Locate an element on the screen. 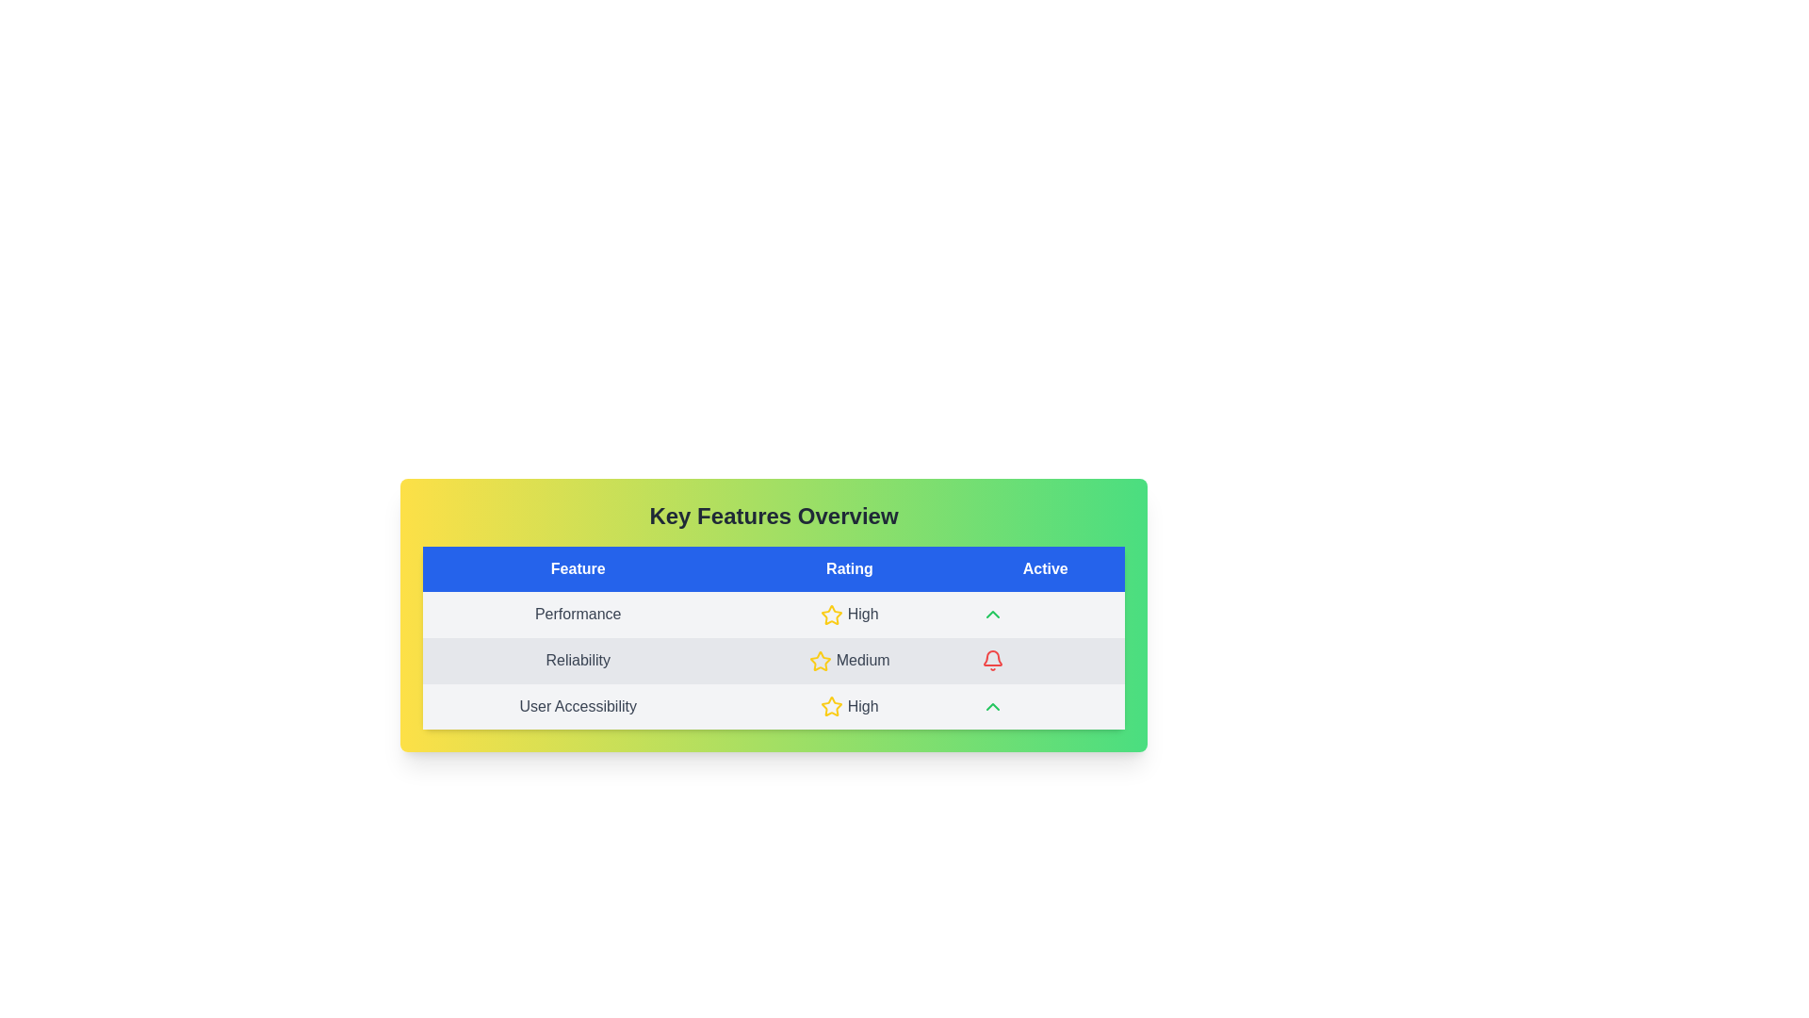 This screenshot has height=1018, width=1809. the bell-shaped notification icon with a red fill color located in the middle cell of the 'Active' column within the row for 'Reliability' in the feature overview table is located at coordinates (991, 660).